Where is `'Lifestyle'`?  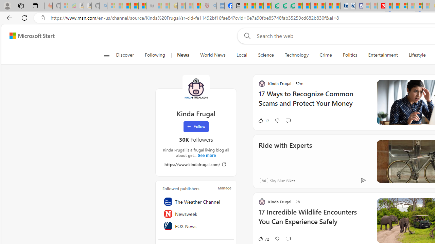
'Lifestyle' is located at coordinates (417, 55).